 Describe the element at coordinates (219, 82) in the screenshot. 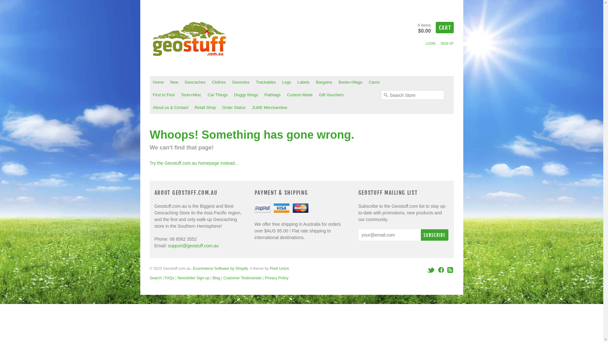

I see `'Clothes'` at that location.